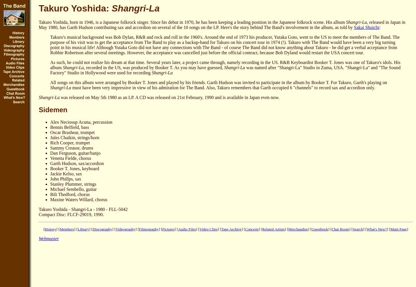  Describe the element at coordinates (43, 229) in the screenshot. I see `'['` at that location.